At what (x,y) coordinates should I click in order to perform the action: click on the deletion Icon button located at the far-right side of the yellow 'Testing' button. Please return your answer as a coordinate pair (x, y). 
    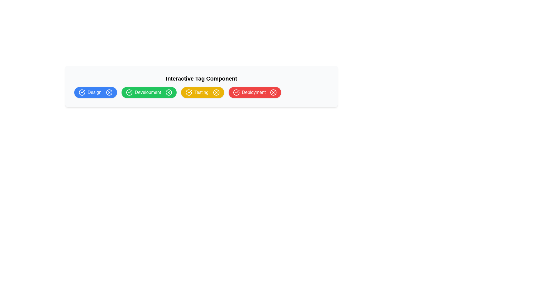
    Looking at the image, I should click on (216, 92).